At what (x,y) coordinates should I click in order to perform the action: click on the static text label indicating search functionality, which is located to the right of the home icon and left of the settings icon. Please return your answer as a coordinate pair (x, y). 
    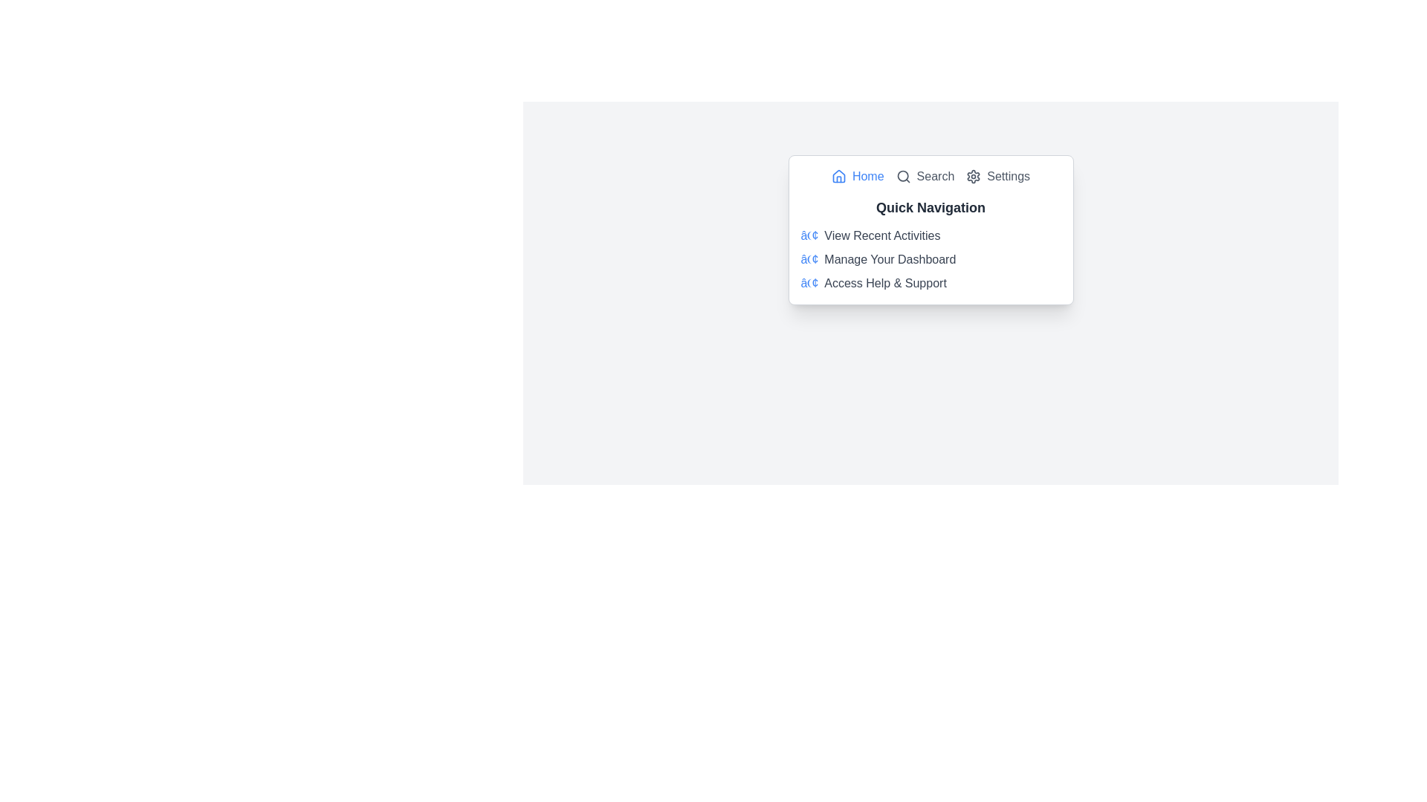
    Looking at the image, I should click on (934, 176).